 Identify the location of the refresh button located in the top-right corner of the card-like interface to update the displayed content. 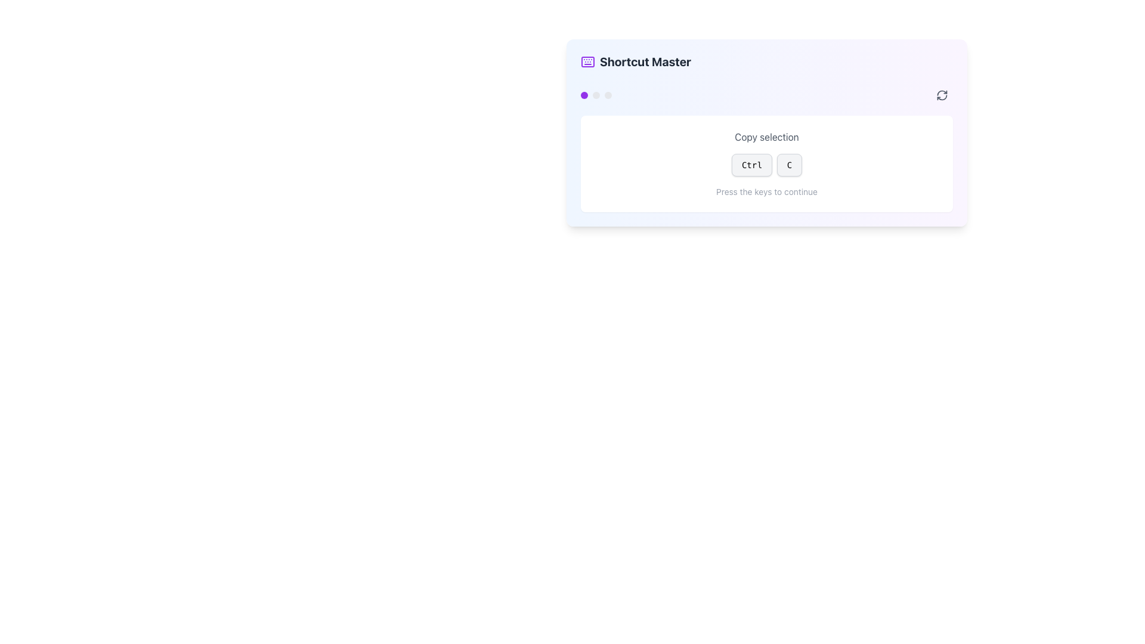
(941, 94).